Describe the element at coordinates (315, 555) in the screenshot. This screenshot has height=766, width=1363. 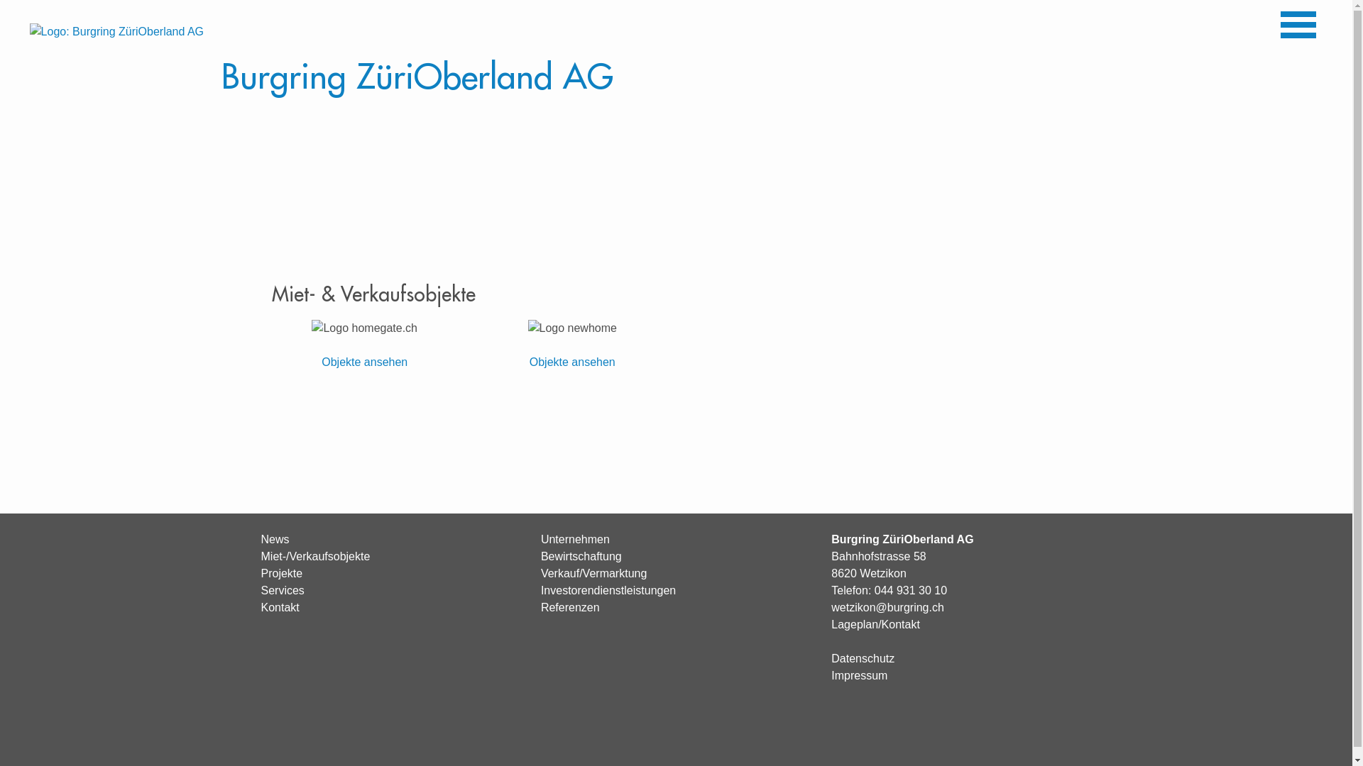
I see `'Miet-/Verkaufsobjekte'` at that location.